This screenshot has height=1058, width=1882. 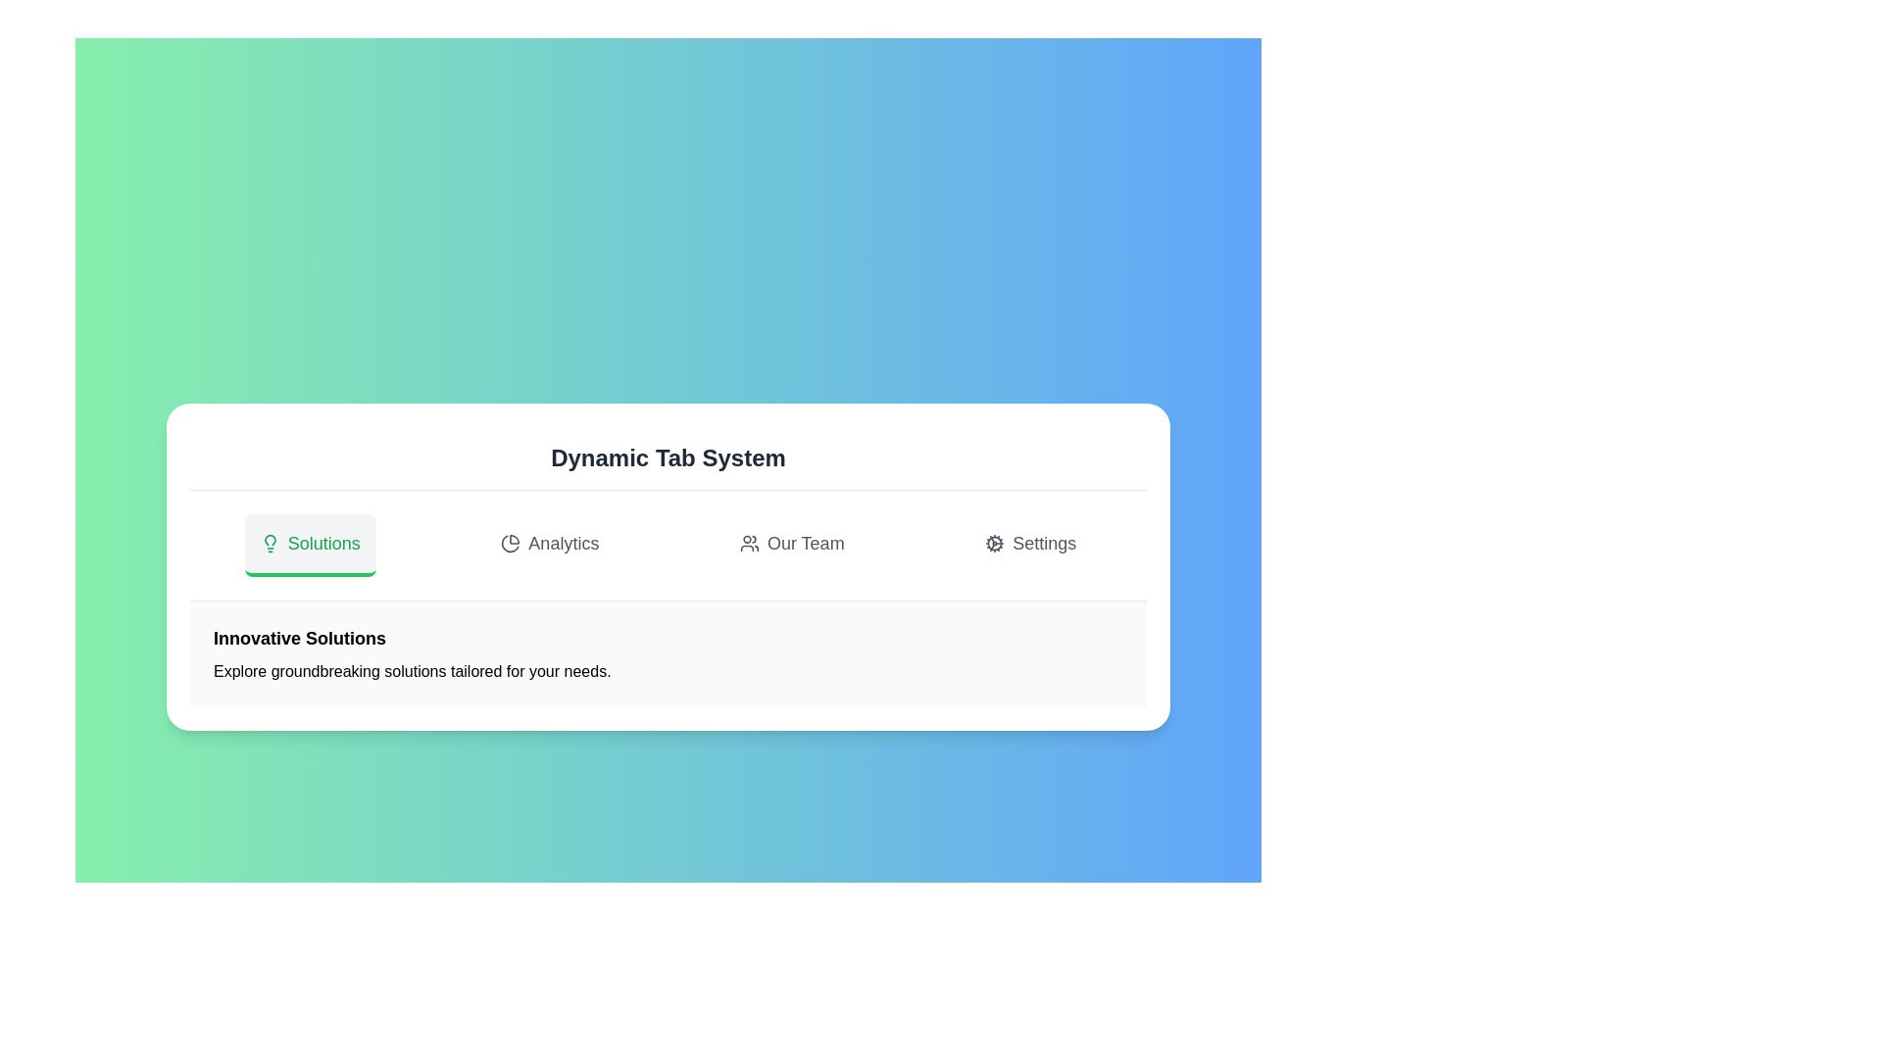 What do you see at coordinates (511, 544) in the screenshot?
I see `the 'Analytics' icon located in the horizontal navigation bar, which is positioned to the right of the 'Solutions' tab and is placed at the left side of the 'Analytics' label text` at bounding box center [511, 544].